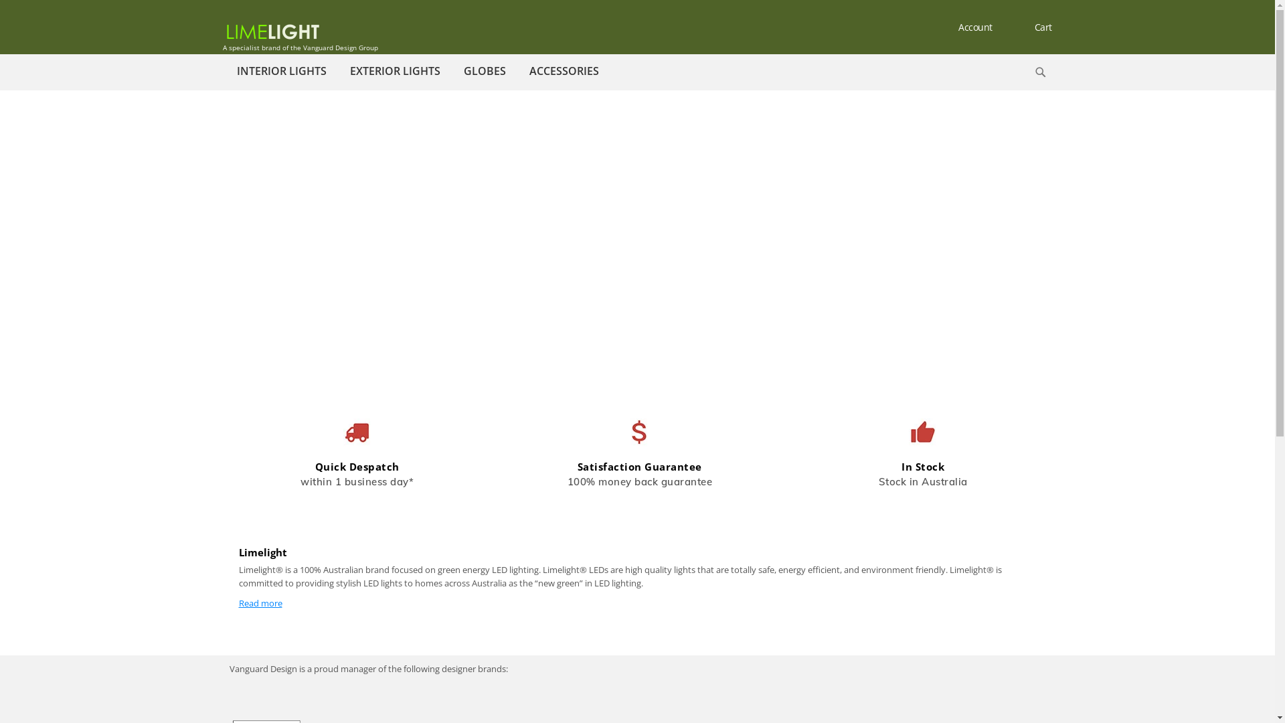  What do you see at coordinates (340, 70) in the screenshot?
I see `'EXTERIOR LIGHTS'` at bounding box center [340, 70].